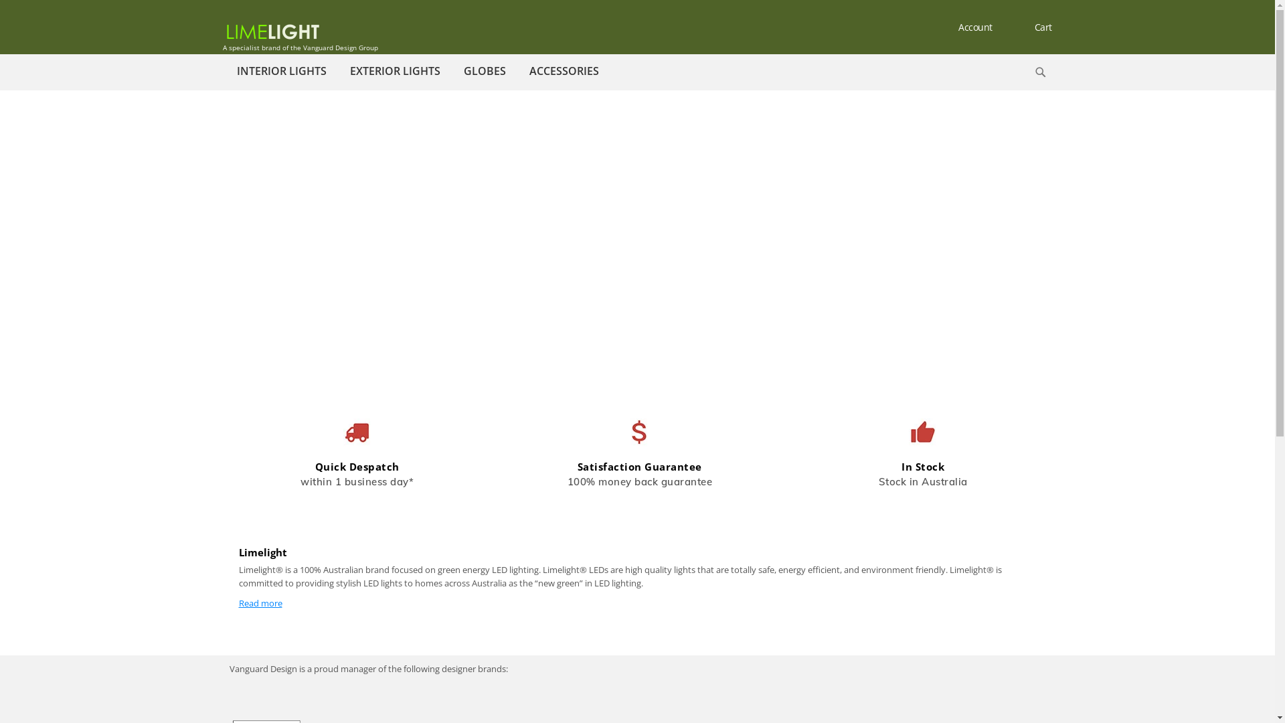  What do you see at coordinates (340, 70) in the screenshot?
I see `'EXTERIOR LIGHTS'` at bounding box center [340, 70].